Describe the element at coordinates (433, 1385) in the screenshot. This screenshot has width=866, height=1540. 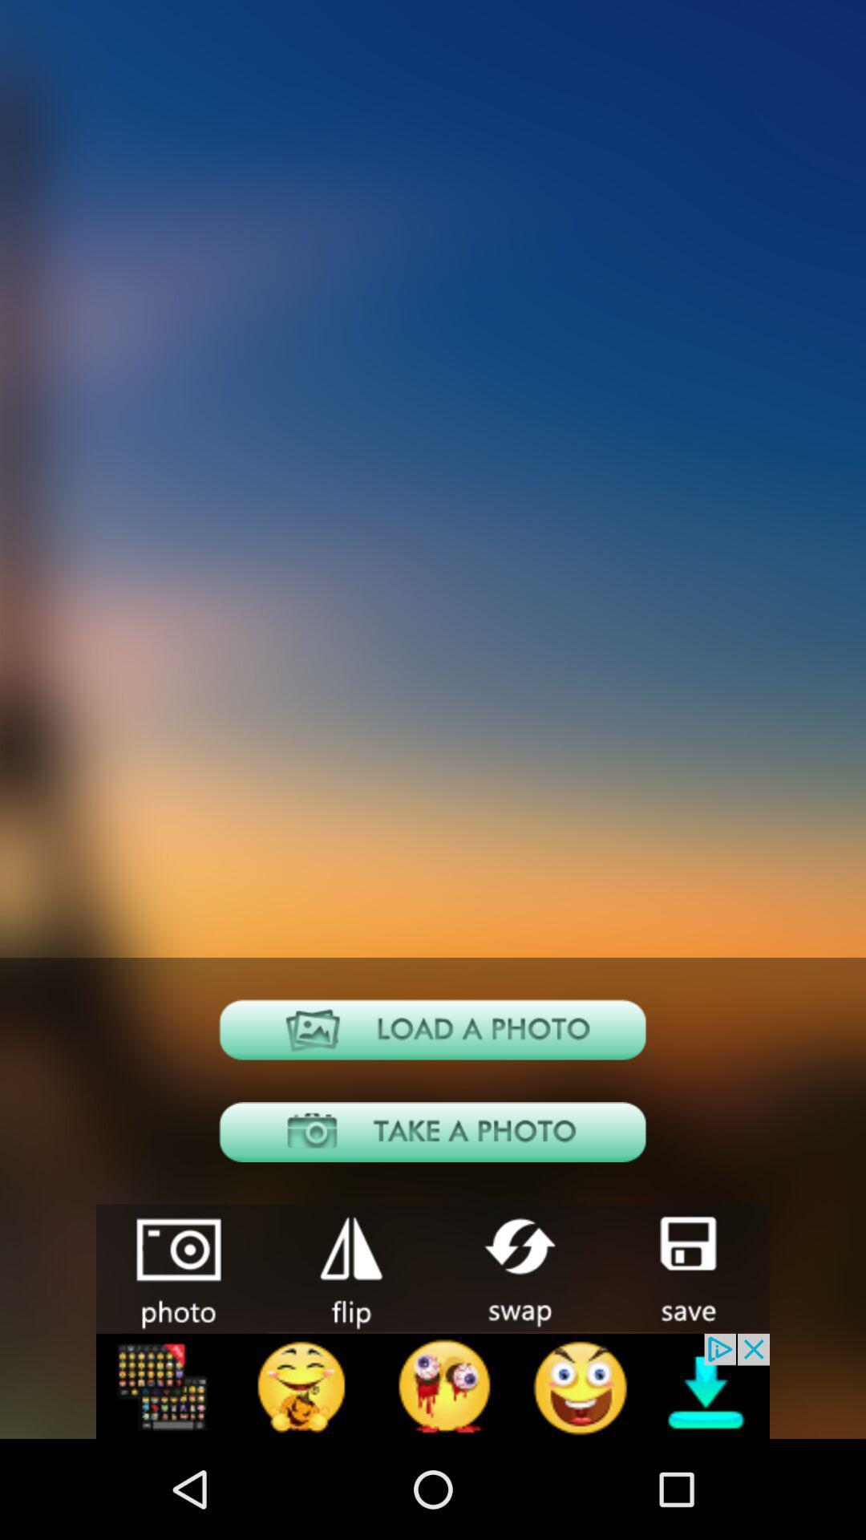
I see `advertisement page` at that location.